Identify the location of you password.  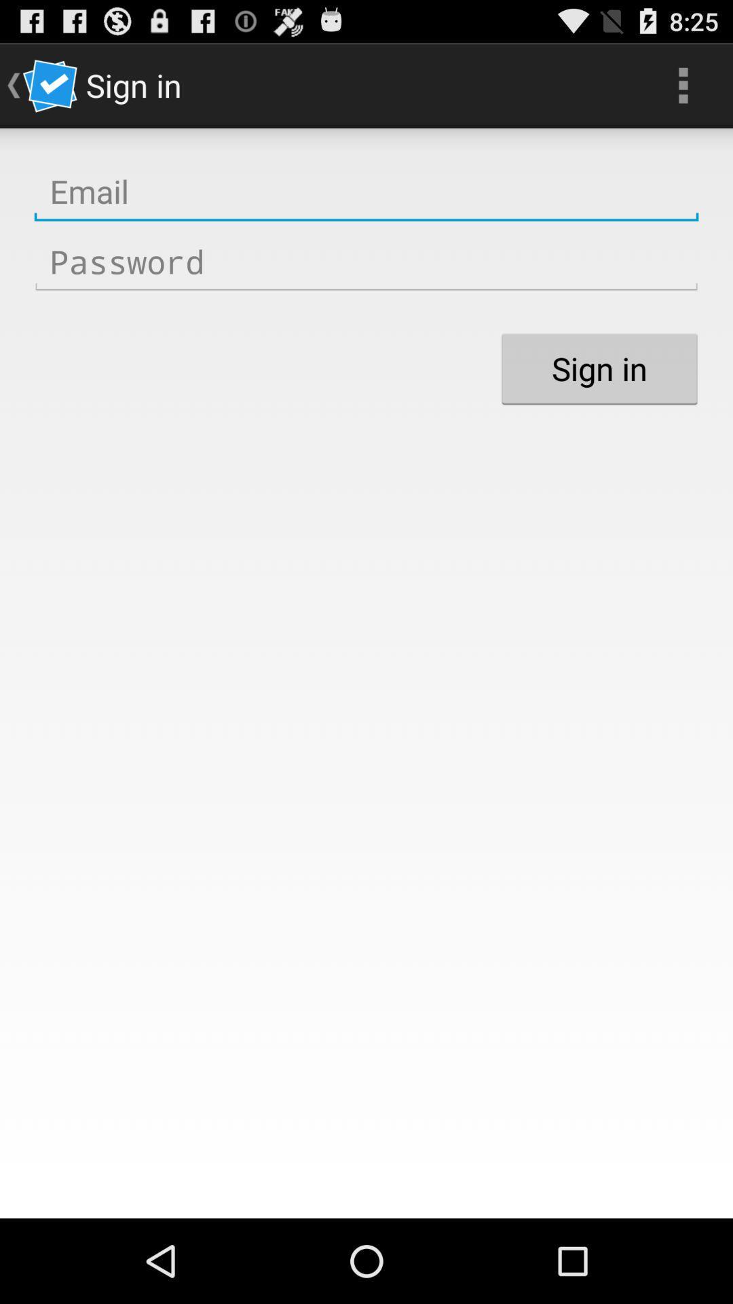
(366, 262).